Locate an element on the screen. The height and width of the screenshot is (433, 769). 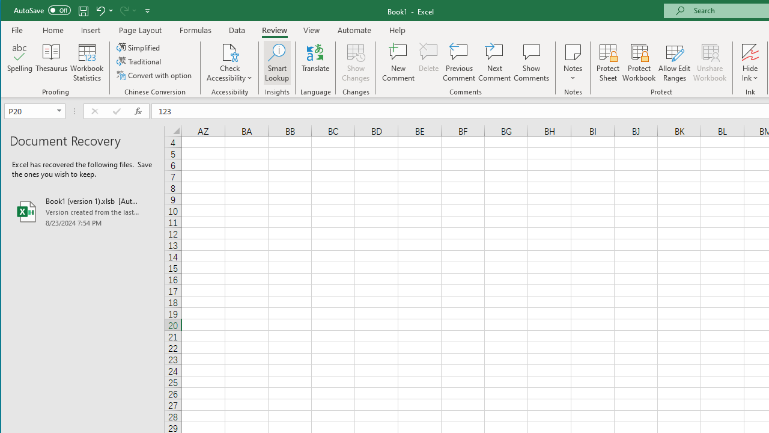
'Protect Workbook...' is located at coordinates (639, 63).